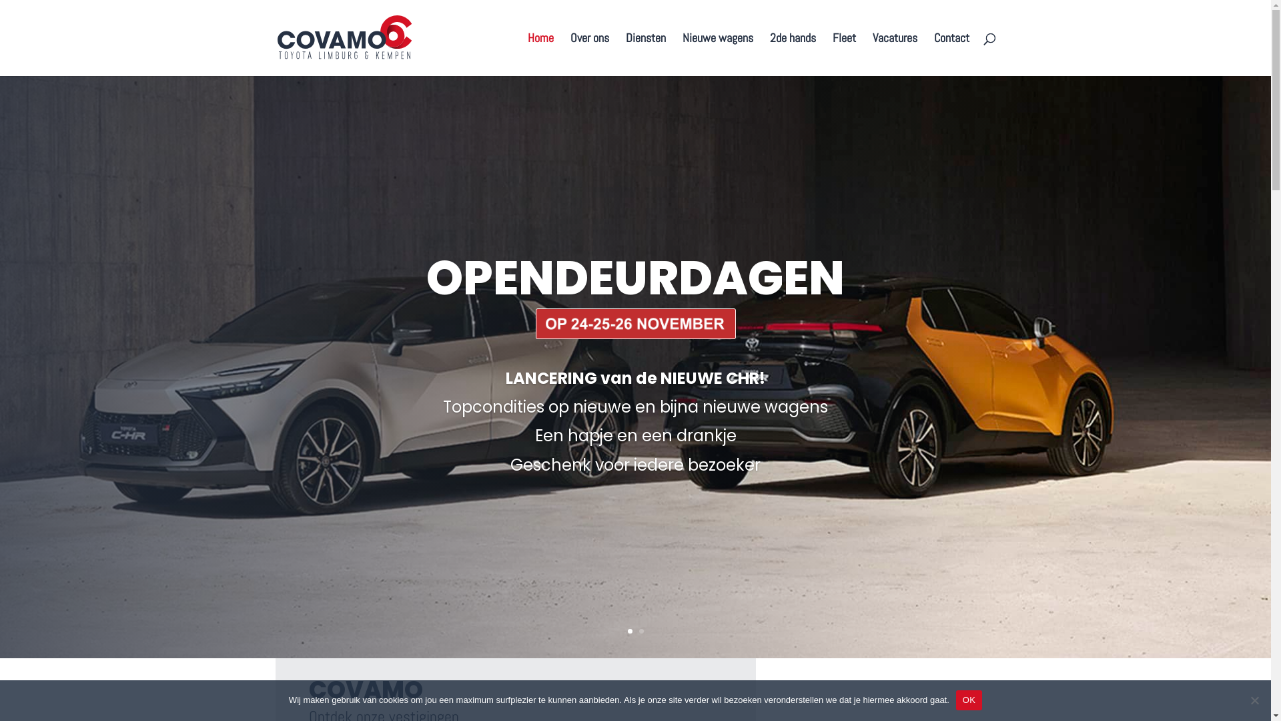 The width and height of the screenshot is (1281, 721). I want to click on '1', so click(628, 631).